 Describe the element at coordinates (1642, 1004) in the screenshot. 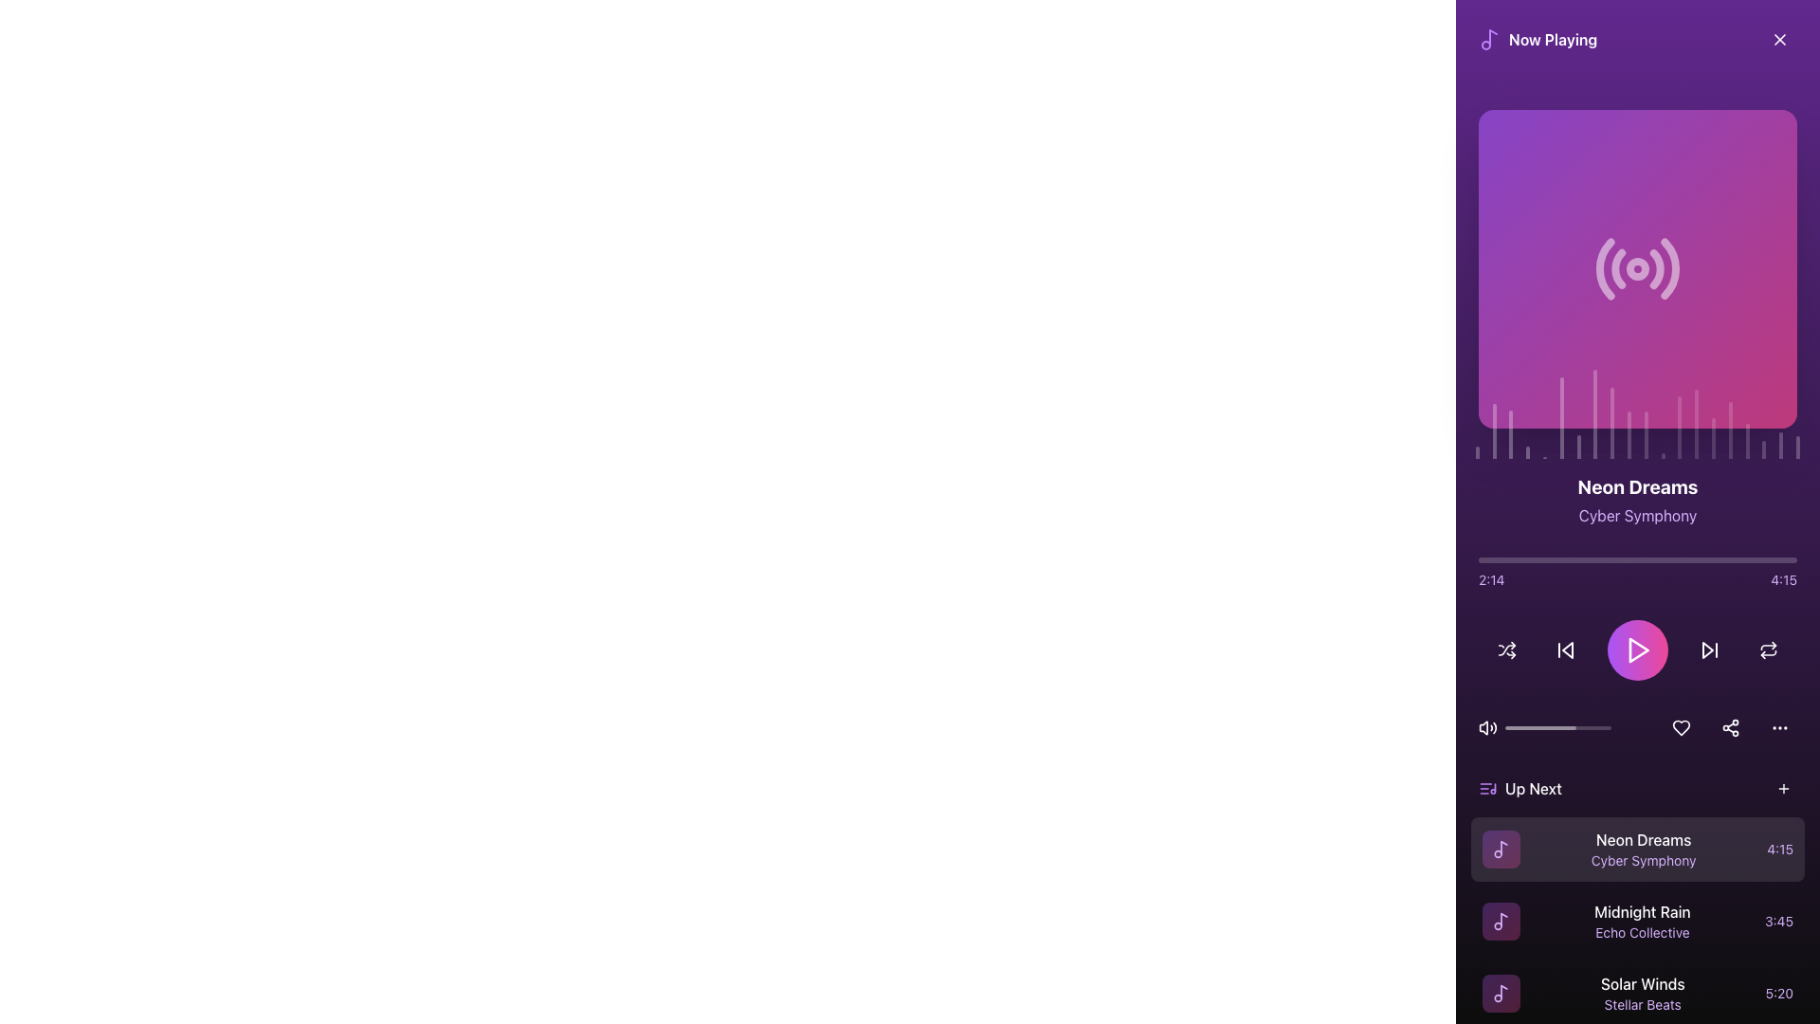

I see `the Text Label that reads 'Stellar Beats', which is styled in a smaller font and purple hue, located below the sibling element 'Solar Winds'` at that location.